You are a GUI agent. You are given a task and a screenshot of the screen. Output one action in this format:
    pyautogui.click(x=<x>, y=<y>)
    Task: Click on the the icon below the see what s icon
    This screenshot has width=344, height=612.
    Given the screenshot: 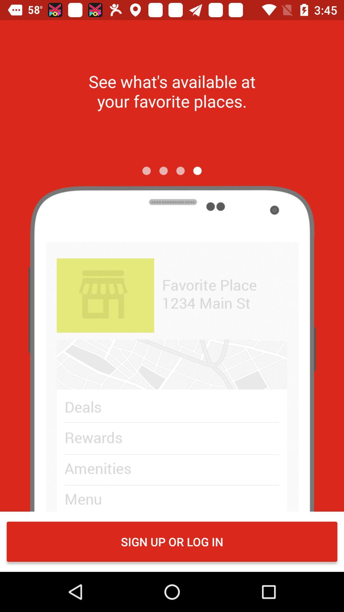 What is the action you would take?
    pyautogui.click(x=180, y=171)
    